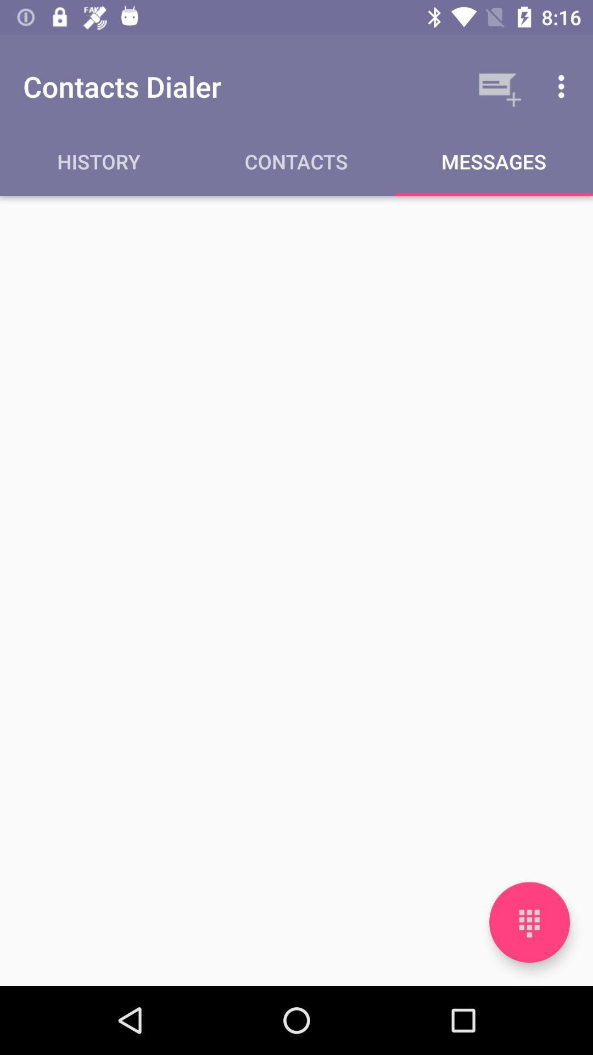 Image resolution: width=593 pixels, height=1055 pixels. What do you see at coordinates (497, 86) in the screenshot?
I see `app next to the contacts dialer item` at bounding box center [497, 86].